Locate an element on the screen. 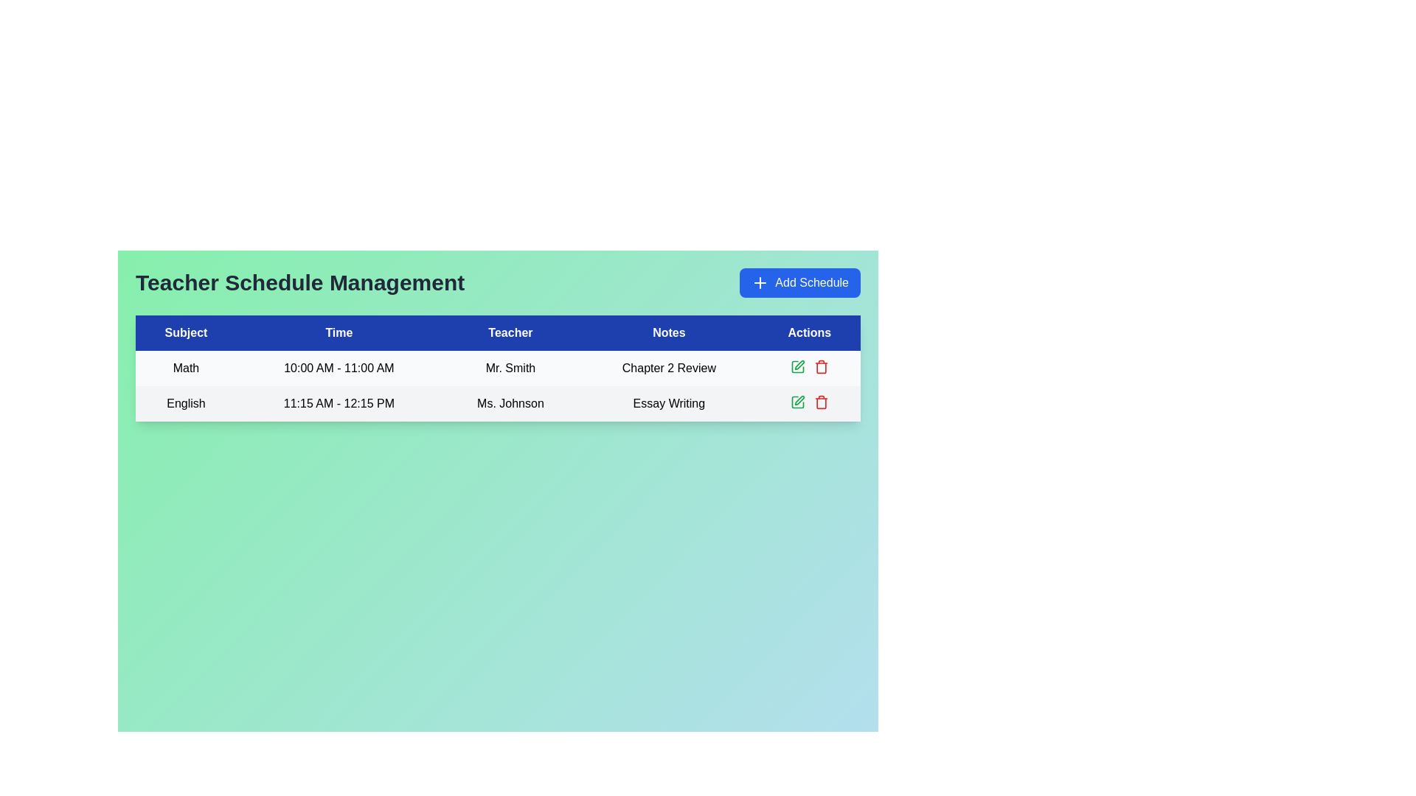 This screenshot has height=796, width=1416. text label displaying 'Ms. Johnson' located in the second row under the 'Teacher' column of the table is located at coordinates (510, 403).